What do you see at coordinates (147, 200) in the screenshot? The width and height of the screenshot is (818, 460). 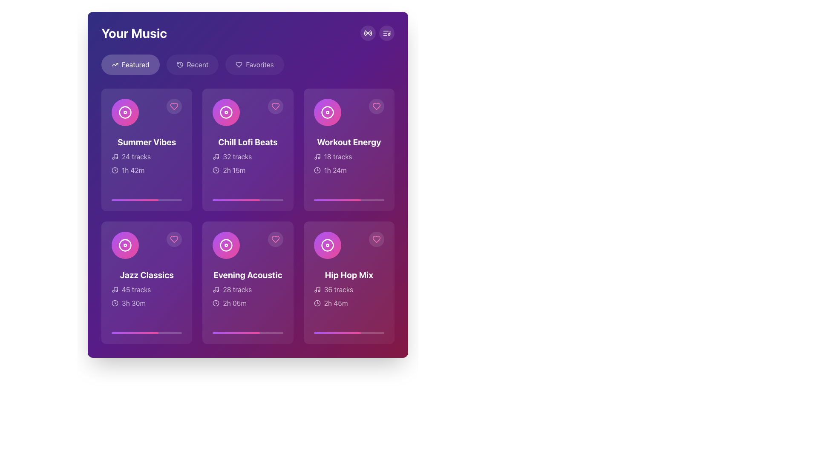 I see `the horizontal progress bar with a gradient fill transitioning from purple to pink, located beneath the text '1h 42m' in the 'Summer Vibes' card` at bounding box center [147, 200].